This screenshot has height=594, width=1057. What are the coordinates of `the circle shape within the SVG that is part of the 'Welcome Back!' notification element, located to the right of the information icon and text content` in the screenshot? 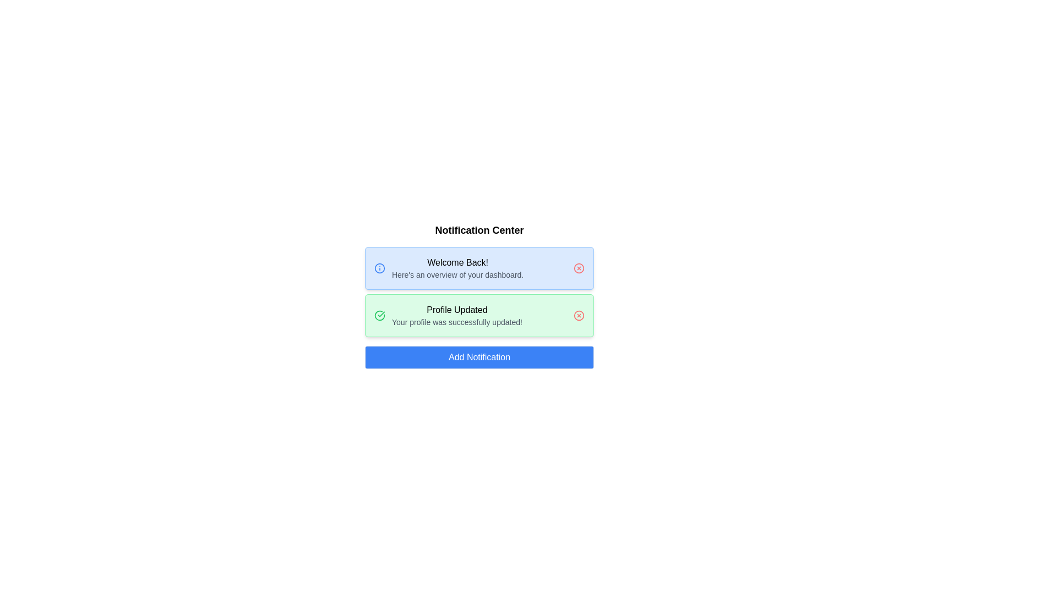 It's located at (578, 268).